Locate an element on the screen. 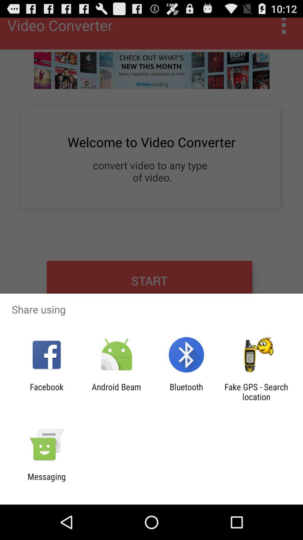 The image size is (303, 540). facebook is located at coordinates (46, 391).